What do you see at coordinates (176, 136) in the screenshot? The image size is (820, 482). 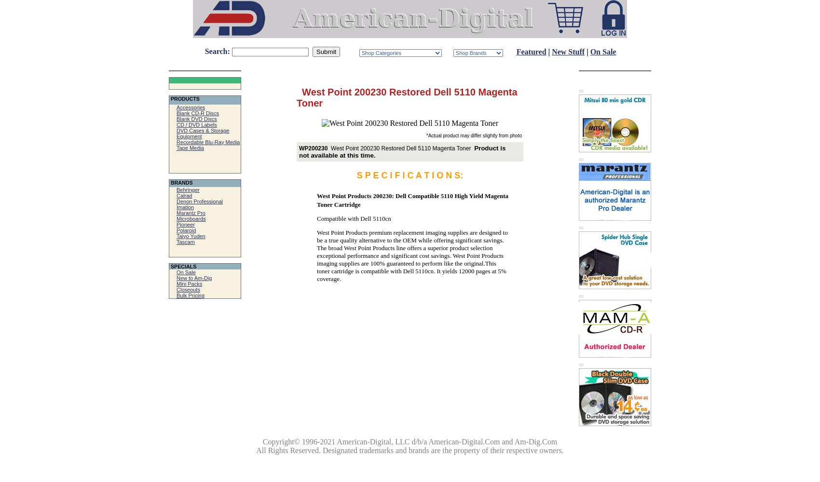 I see `'Equipment'` at bounding box center [176, 136].